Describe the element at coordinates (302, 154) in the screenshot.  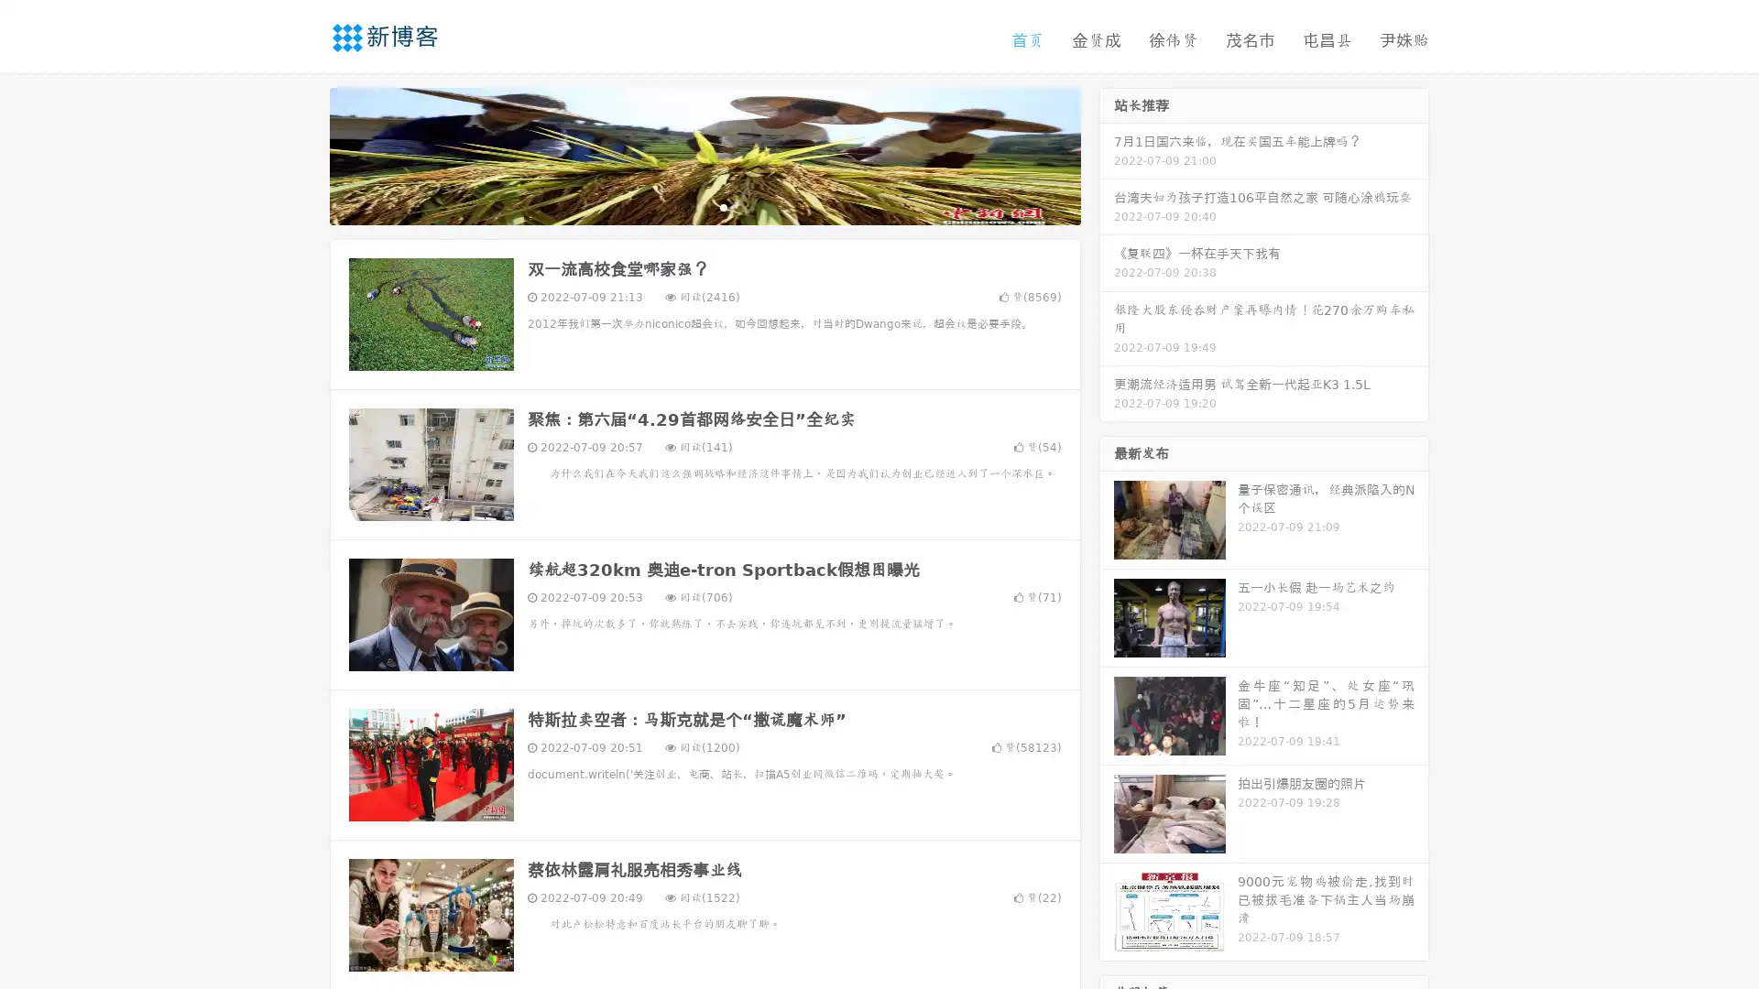
I see `Previous slide` at that location.